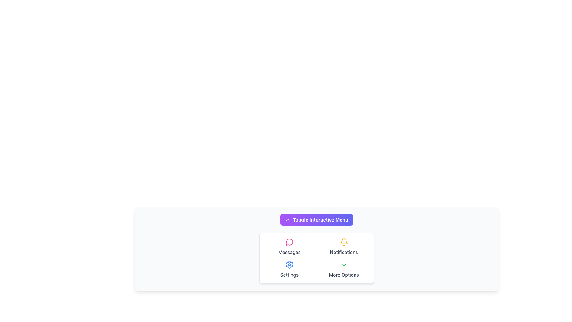  Describe the element at coordinates (344, 252) in the screenshot. I see `the 'Notifications' text label, which is styled in medium font weight and gray color, located below the bell icon in the options menu and is the third option from the left` at that location.